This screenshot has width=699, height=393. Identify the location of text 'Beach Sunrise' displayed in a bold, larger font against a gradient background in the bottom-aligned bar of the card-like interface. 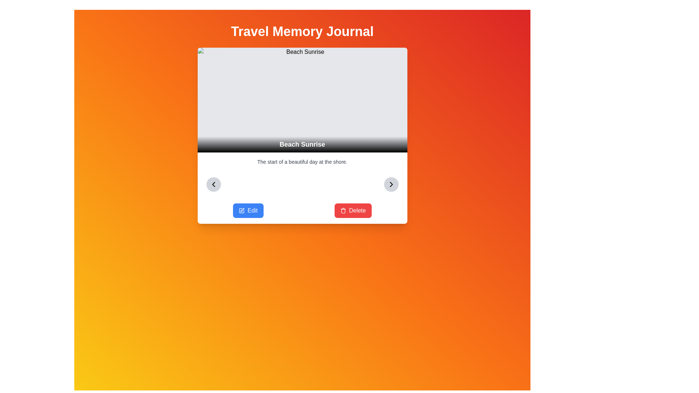
(302, 144).